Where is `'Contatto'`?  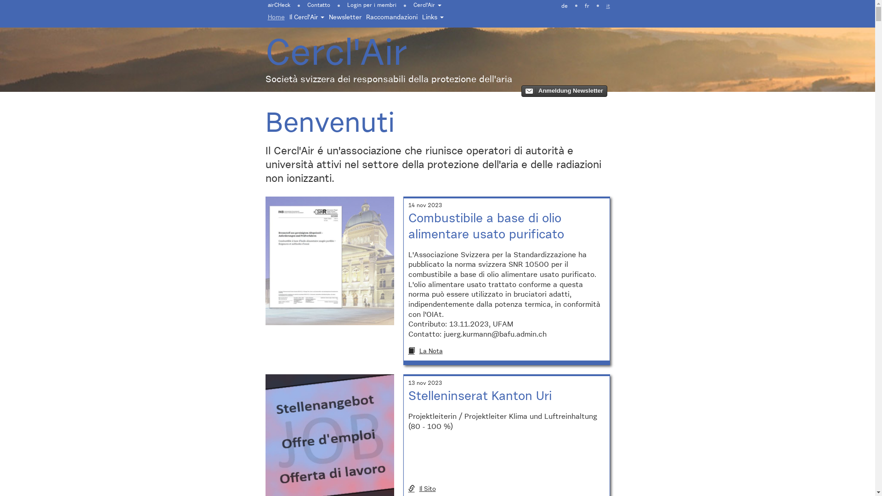 'Contatto' is located at coordinates (319, 5).